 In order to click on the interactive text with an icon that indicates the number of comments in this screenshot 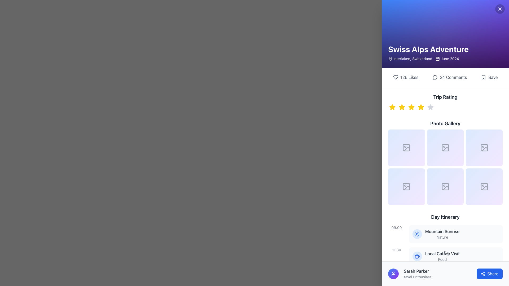, I will do `click(449, 77)`.